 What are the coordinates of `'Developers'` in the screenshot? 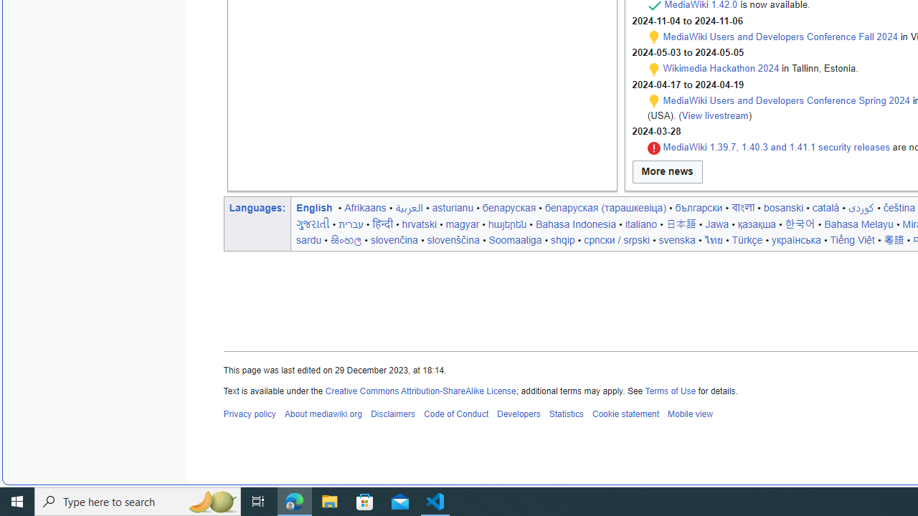 It's located at (518, 414).